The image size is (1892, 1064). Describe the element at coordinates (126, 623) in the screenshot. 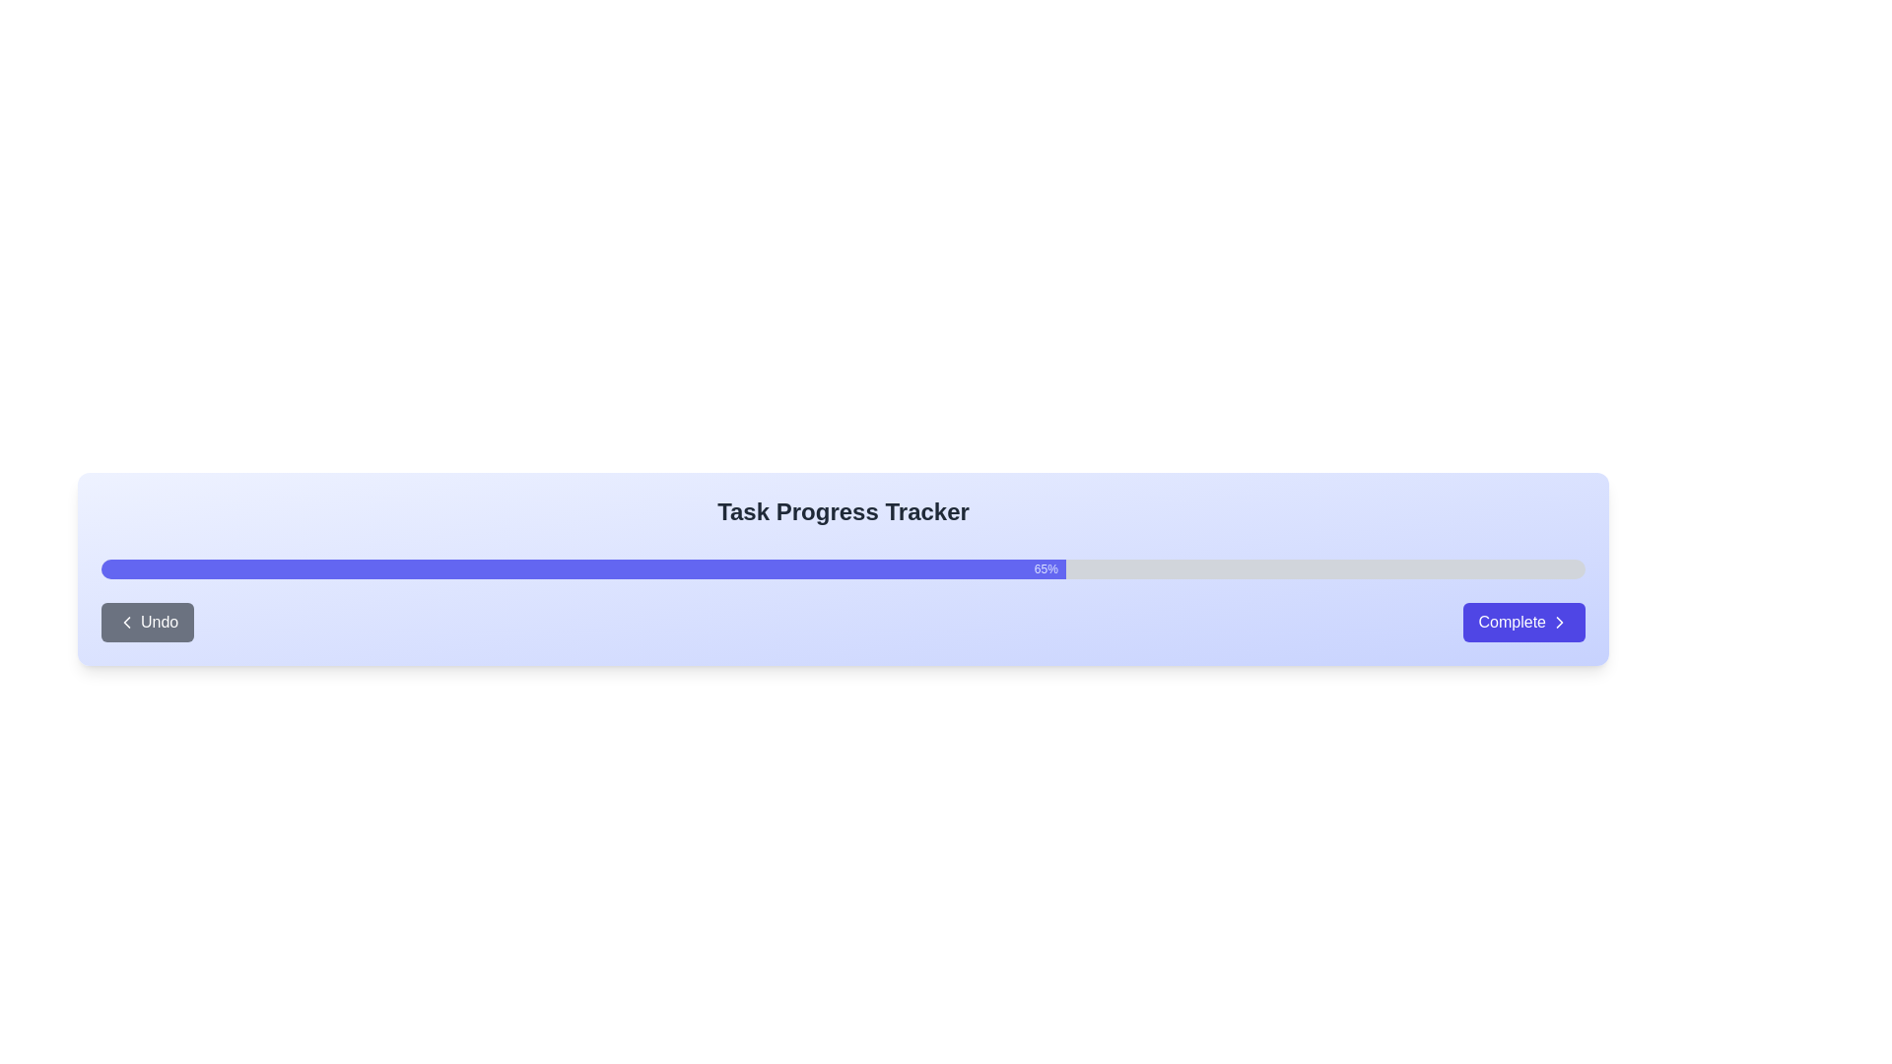

I see `the left-facing chevron icon within the 'Undo' button located at the bottom-left corner of the interface` at that location.